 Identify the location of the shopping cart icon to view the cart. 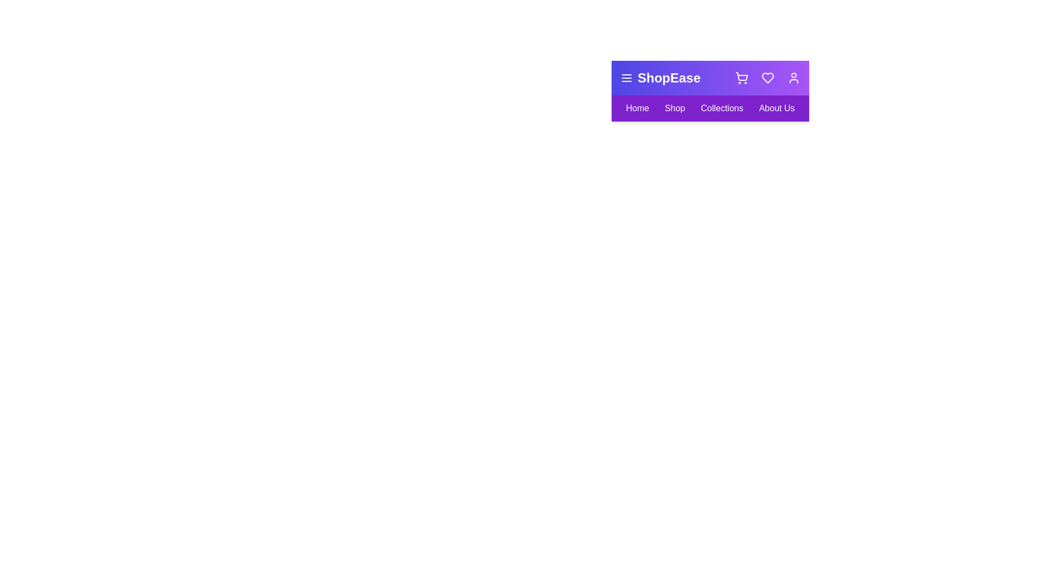
(741, 77).